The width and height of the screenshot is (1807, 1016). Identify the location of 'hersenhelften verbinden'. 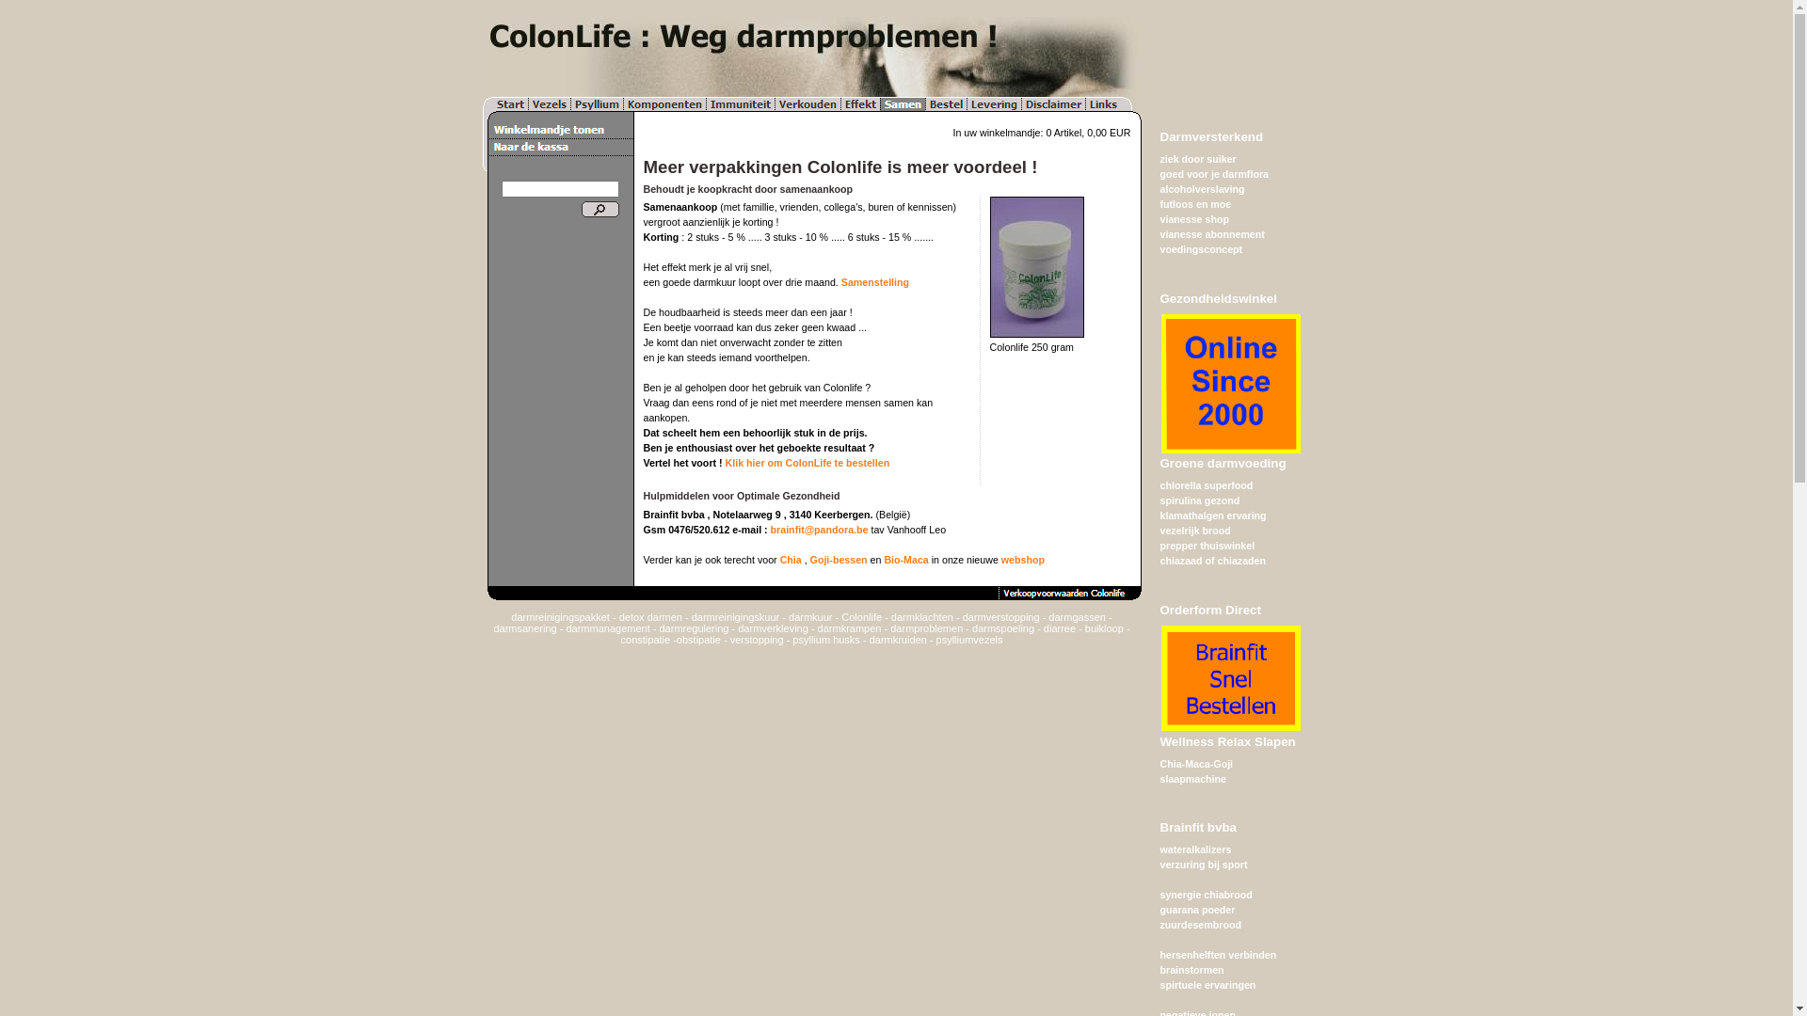
(1218, 954).